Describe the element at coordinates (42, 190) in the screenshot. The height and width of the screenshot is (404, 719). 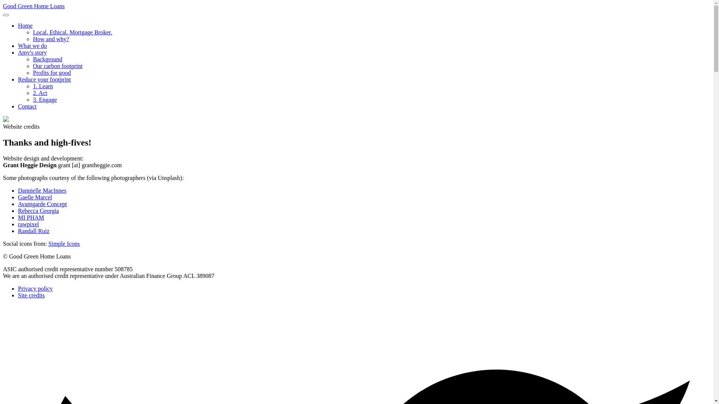
I see `'Dannielle MacInnes'` at that location.